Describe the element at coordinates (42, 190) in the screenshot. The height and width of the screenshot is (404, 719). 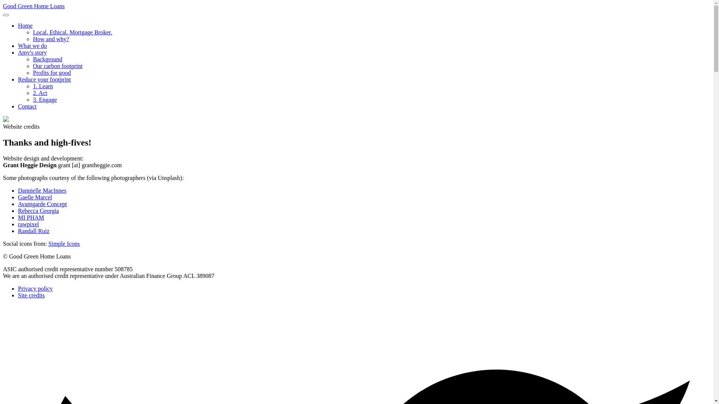
I see `'Dannielle MacInnes'` at that location.